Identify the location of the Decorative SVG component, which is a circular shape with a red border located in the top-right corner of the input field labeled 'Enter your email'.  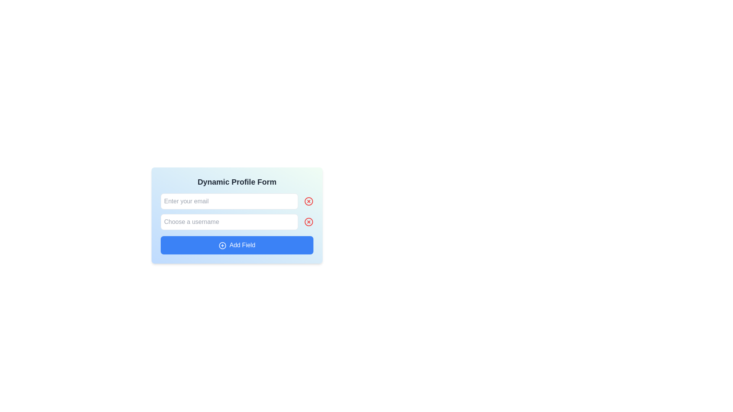
(309, 201).